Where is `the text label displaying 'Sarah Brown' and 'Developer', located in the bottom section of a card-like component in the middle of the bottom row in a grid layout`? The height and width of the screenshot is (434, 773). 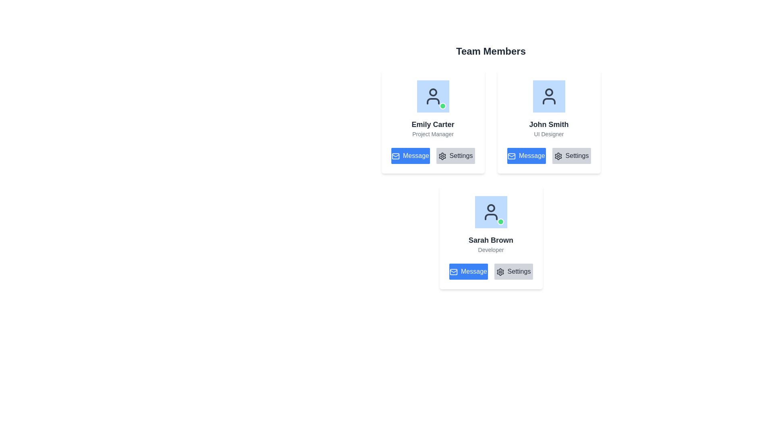
the text label displaying 'Sarah Brown' and 'Developer', located in the bottom section of a card-like component in the middle of the bottom row in a grid layout is located at coordinates (490, 244).